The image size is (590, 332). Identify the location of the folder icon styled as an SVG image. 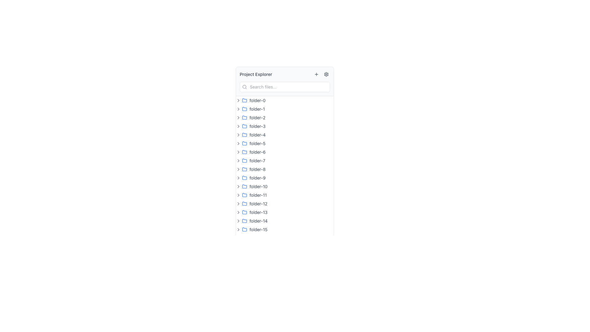
(244, 195).